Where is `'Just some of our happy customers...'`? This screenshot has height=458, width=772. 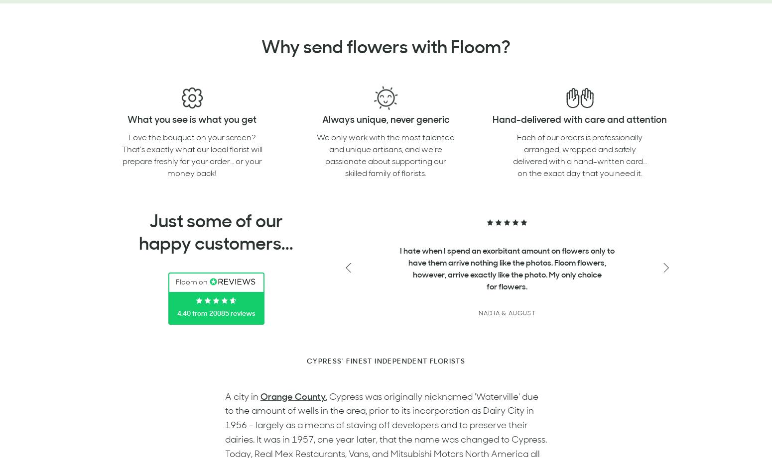 'Just some of our happy customers...' is located at coordinates (216, 233).